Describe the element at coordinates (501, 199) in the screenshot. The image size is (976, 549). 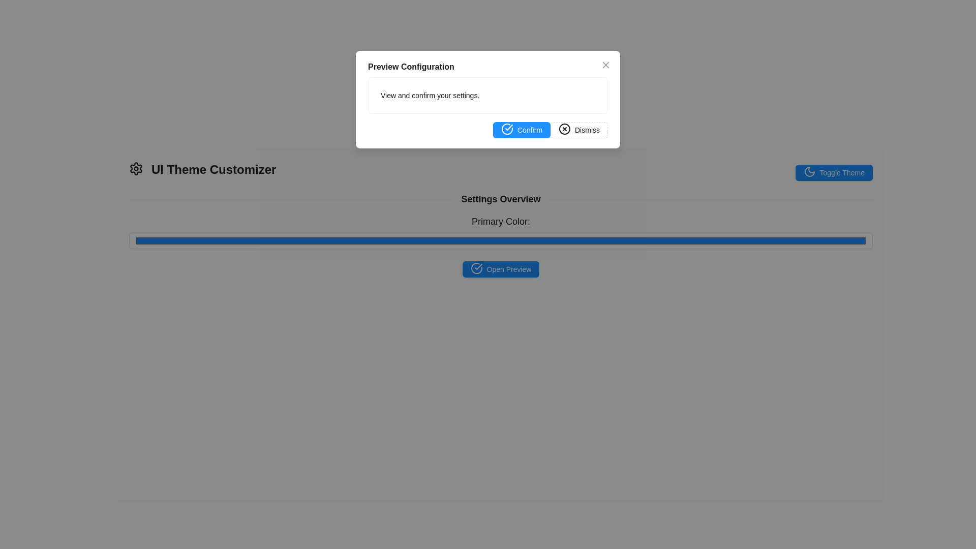
I see `the horizontal line divider with centered text 'Settings Overview' that separates the 'Toggle Theme' button and the 'Primary Color' label` at that location.